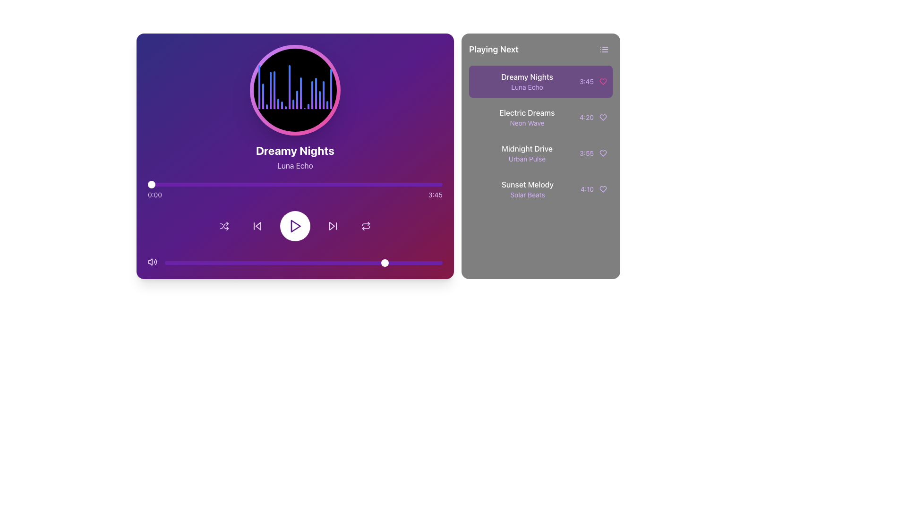 The height and width of the screenshot is (510, 907). What do you see at coordinates (527, 158) in the screenshot?
I see `the subtitle text label located directly below 'Midnight Drive' in the 'Playing Next' section of the vertical list` at bounding box center [527, 158].